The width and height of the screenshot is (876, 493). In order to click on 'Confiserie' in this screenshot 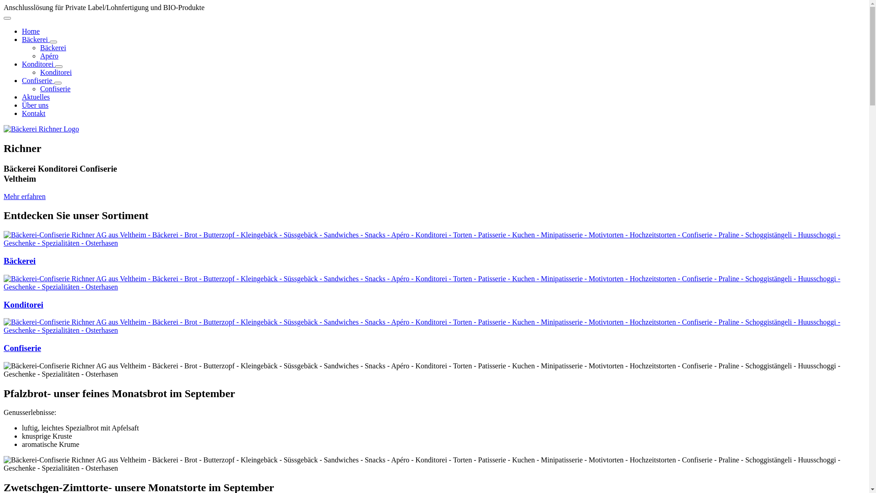, I will do `click(37, 80)`.